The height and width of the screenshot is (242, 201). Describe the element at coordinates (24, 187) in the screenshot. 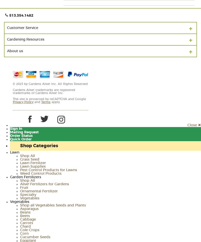

I see `'Fruit'` at that location.